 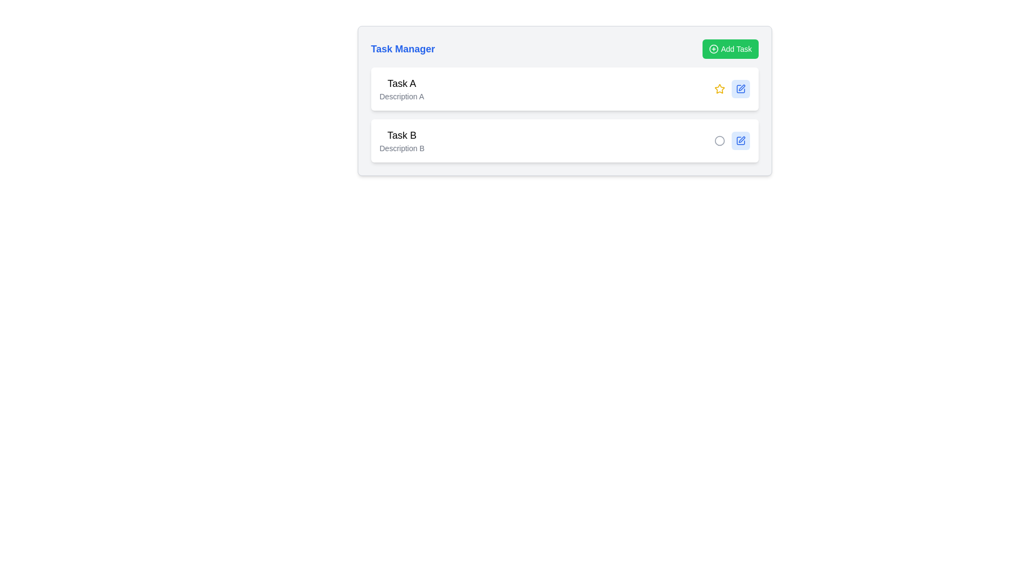 I want to click on the Text label that serves as the title or heading for the task manager interface, positioned in the top-left part of the header, aligned to the left of the 'Add Task' button, so click(x=402, y=49).